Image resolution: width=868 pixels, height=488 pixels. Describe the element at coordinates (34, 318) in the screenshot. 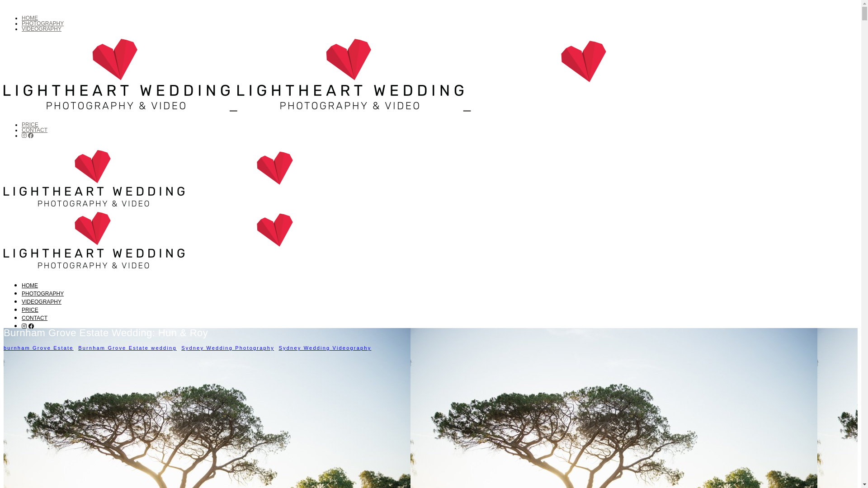

I see `'CONTACT'` at that location.